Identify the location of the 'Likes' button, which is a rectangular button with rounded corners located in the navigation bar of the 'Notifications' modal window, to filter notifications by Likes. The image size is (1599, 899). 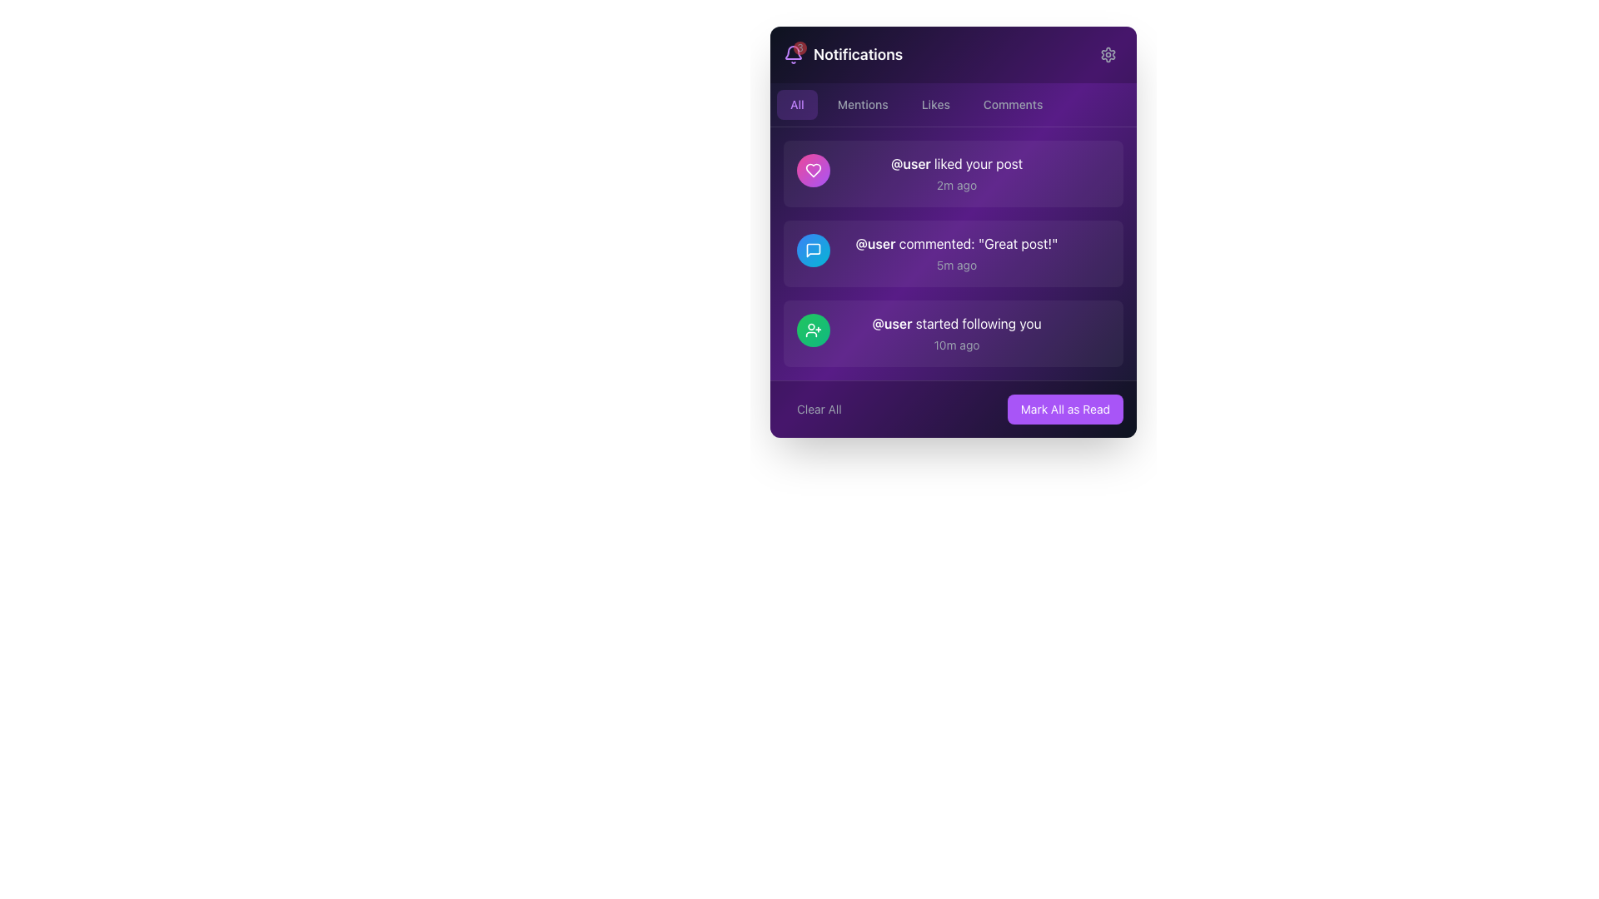
(935, 105).